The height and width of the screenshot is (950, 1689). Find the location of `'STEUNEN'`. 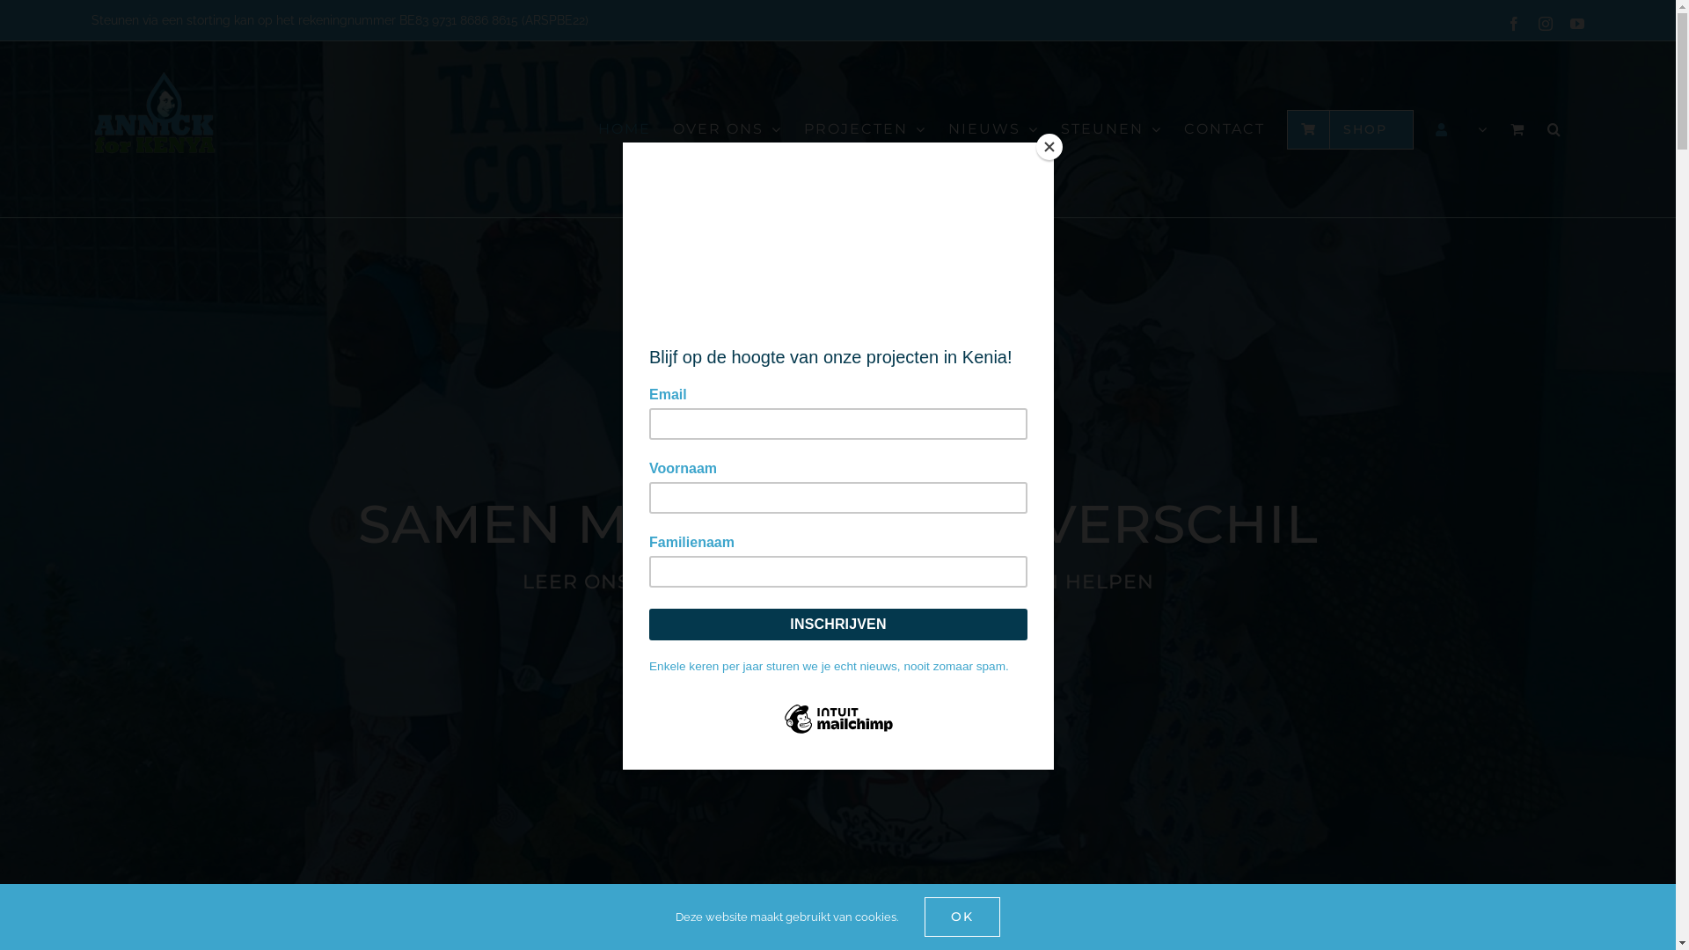

'STEUNEN' is located at coordinates (1059, 128).